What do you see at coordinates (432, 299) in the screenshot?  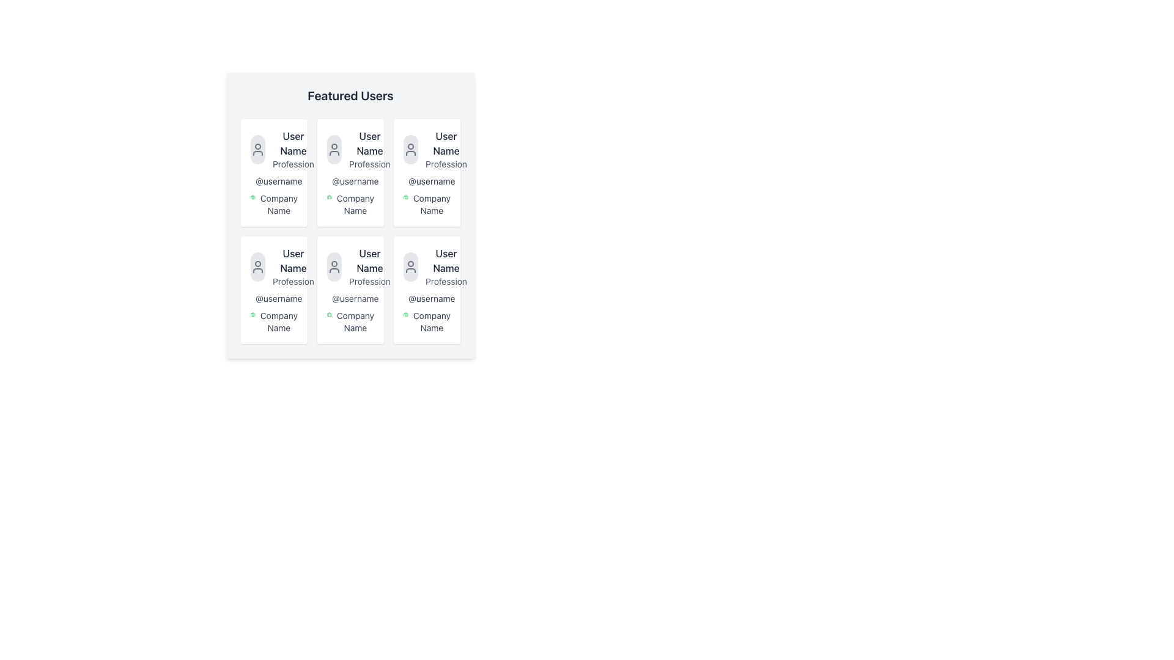 I see `the username display element located in the third card from the left in the bottom row of the grid layout, positioned under the profession title and above the company name` at bounding box center [432, 299].